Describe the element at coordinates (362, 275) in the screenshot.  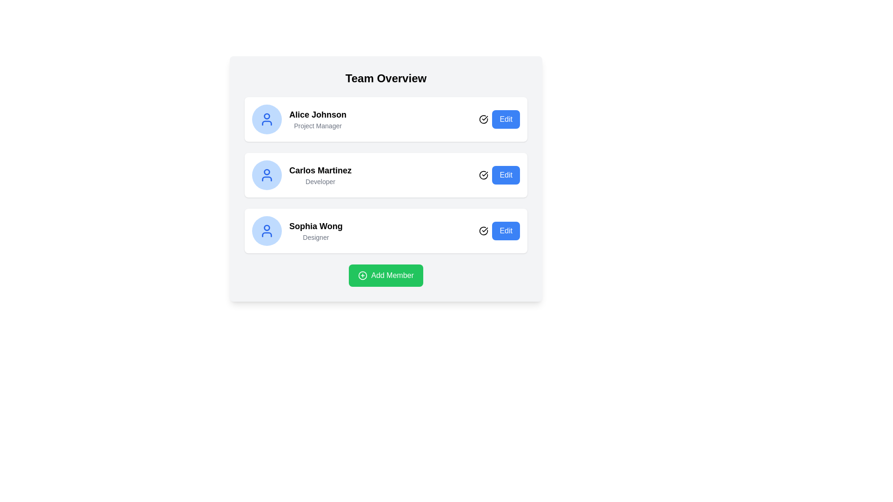
I see `customization options for the icon located to the left of the 'Add Member' text on the green button at the bottom center of the interface` at that location.